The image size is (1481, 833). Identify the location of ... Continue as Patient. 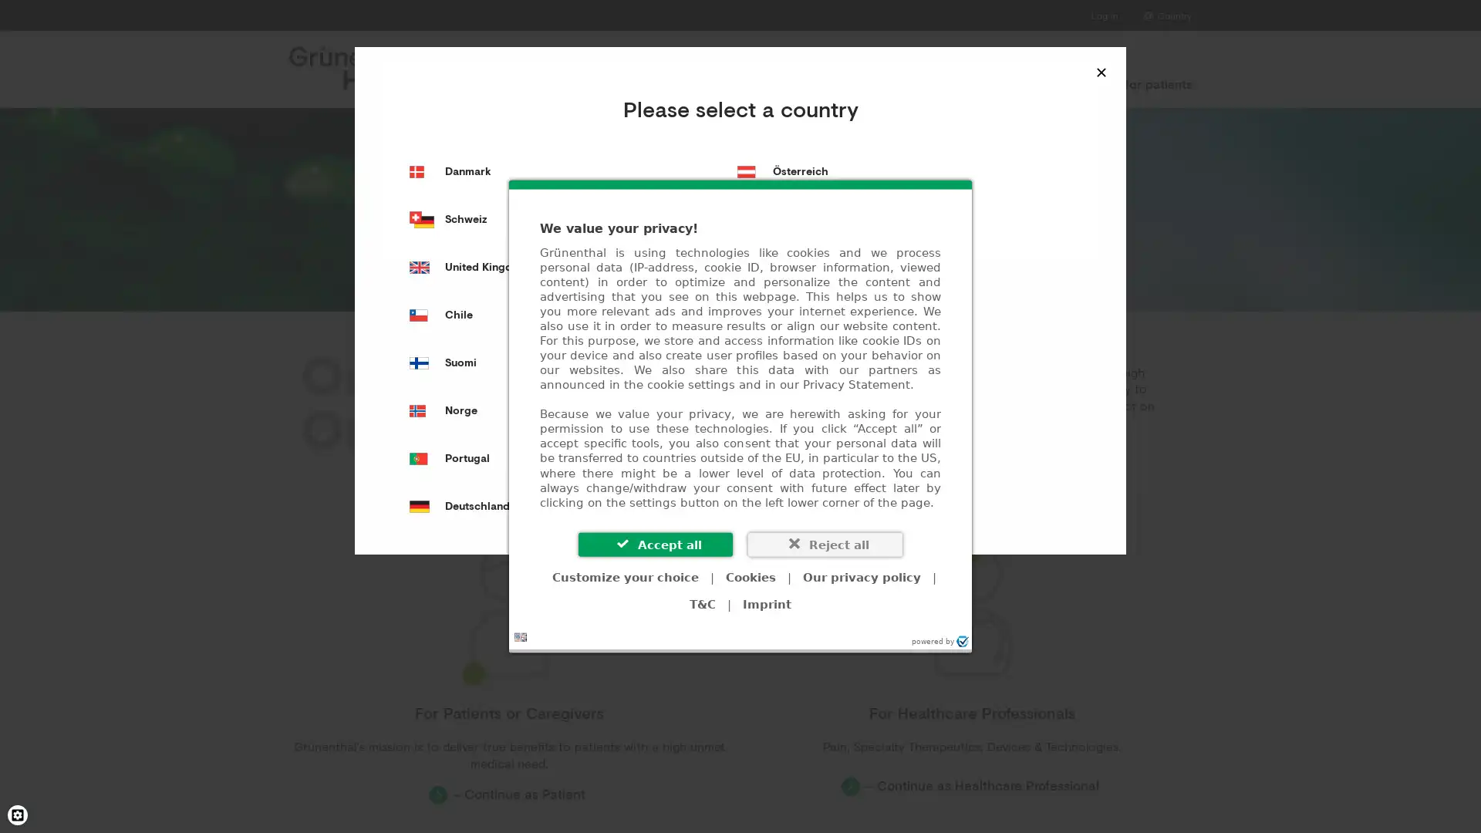
(509, 794).